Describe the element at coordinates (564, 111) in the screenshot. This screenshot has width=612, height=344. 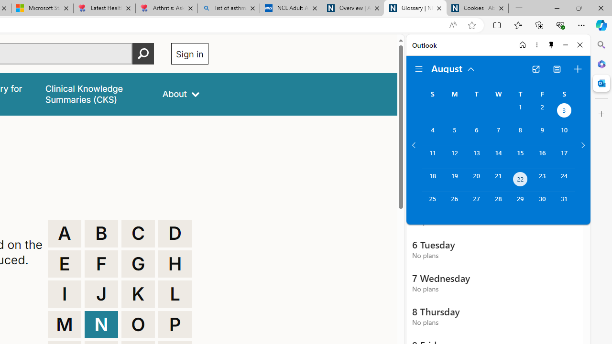
I see `'Saturday, August 3, 2024. Date selected. '` at that location.